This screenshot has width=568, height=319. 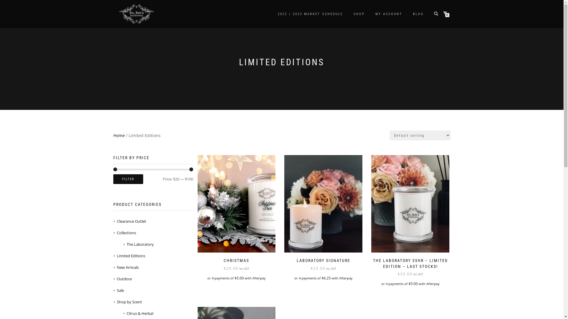 What do you see at coordinates (116, 221) in the screenshot?
I see `'Clearance Outlet'` at bounding box center [116, 221].